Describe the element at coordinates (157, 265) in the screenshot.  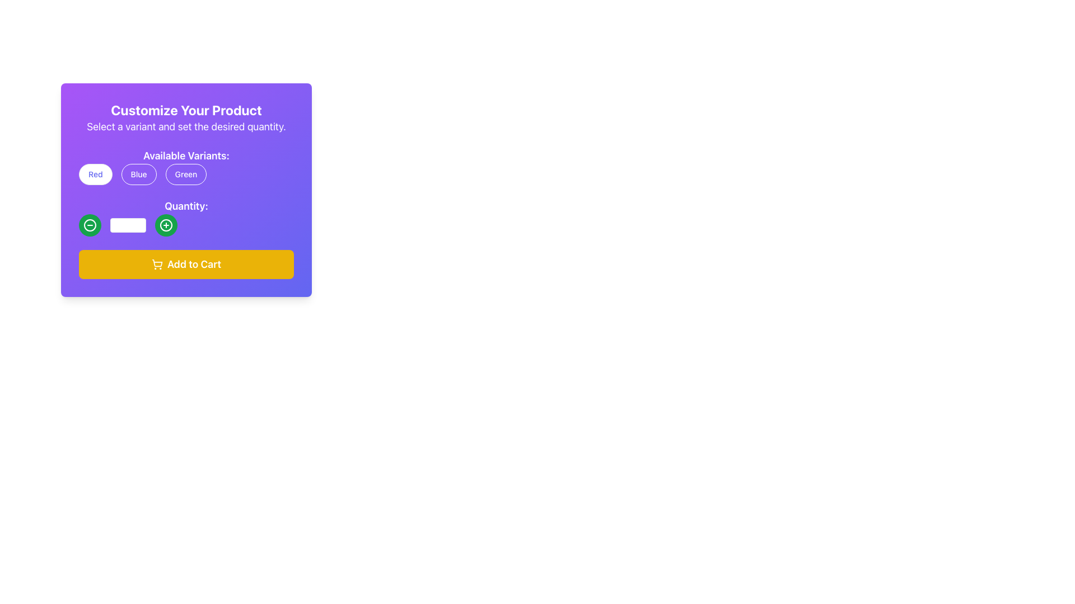
I see `the shopping cart icon located to the left of the 'Add to Cart' text within the yellow button at the bottom center of the purple card interface` at that location.